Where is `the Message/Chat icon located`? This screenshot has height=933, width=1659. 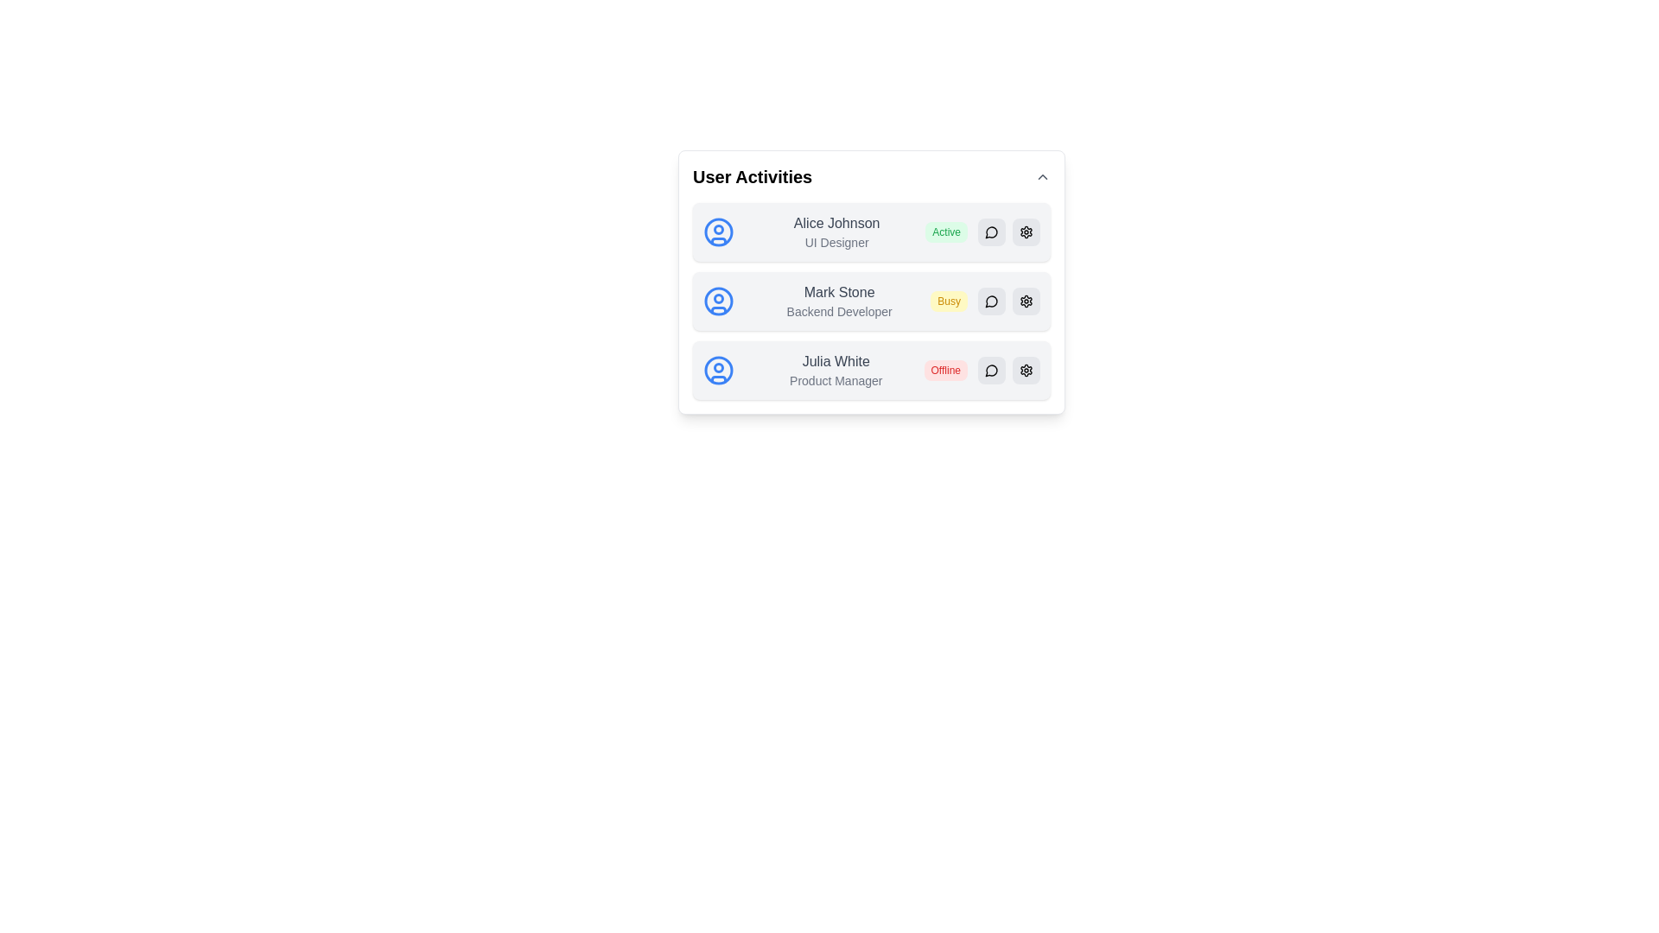 the Message/Chat icon located is located at coordinates (991, 369).